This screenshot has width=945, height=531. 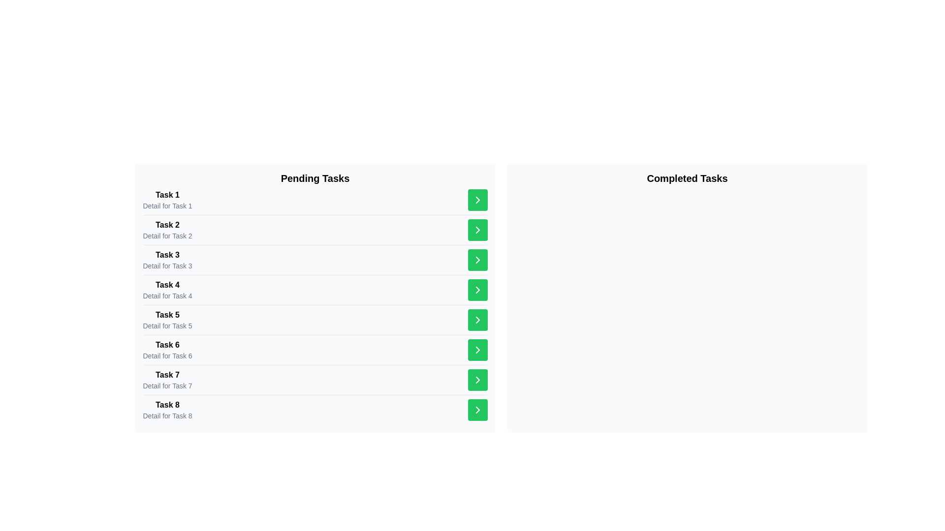 I want to click on the arrow-shaped icon within the green circular button located to the right of 'Task 8' in the 'Pending Tasks' section, so click(x=477, y=410).